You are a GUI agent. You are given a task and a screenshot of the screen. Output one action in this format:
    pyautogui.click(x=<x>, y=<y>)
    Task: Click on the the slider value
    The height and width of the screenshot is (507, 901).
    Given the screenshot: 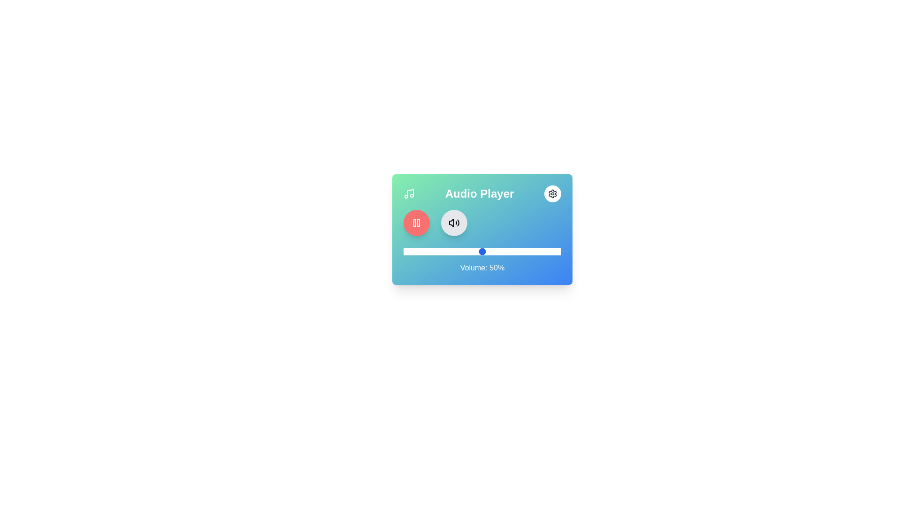 What is the action you would take?
    pyautogui.click(x=479, y=251)
    